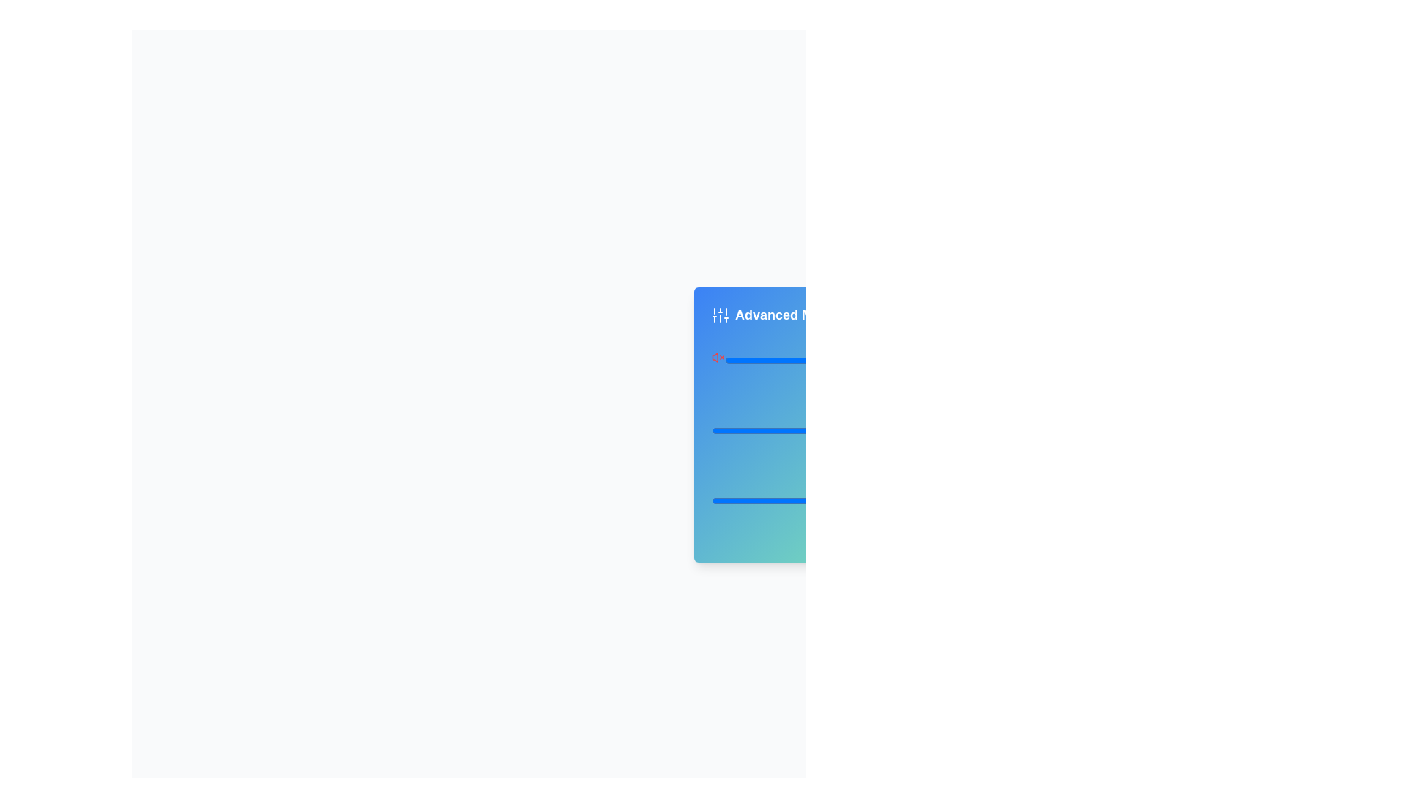 The height and width of the screenshot is (790, 1406). I want to click on the slider value, so click(879, 355).